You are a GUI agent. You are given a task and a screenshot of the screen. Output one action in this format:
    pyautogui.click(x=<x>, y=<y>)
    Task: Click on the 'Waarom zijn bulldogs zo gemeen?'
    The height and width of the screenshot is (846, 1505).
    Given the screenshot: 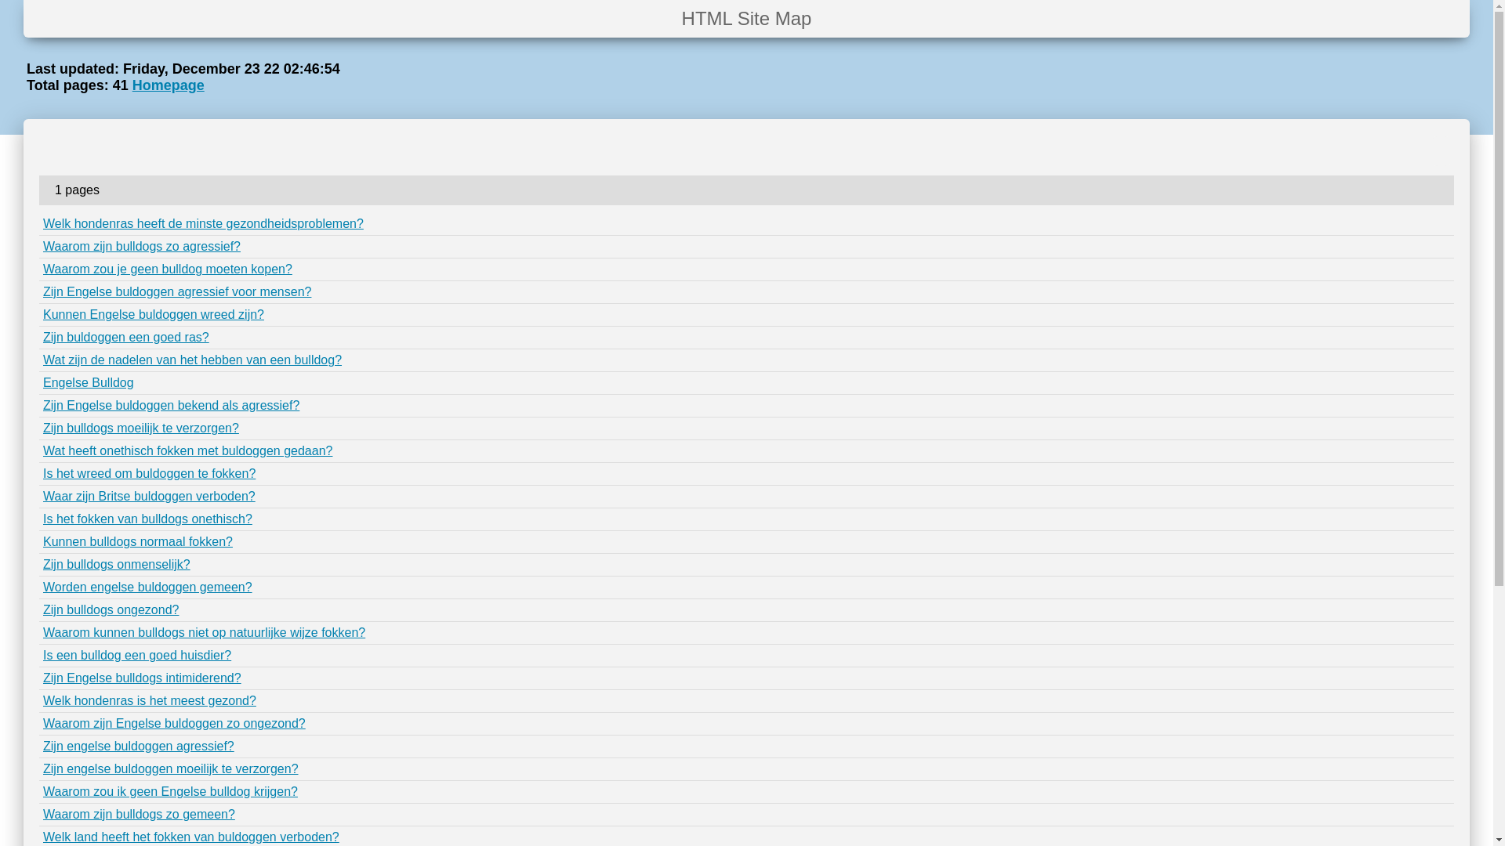 What is the action you would take?
    pyautogui.click(x=139, y=813)
    